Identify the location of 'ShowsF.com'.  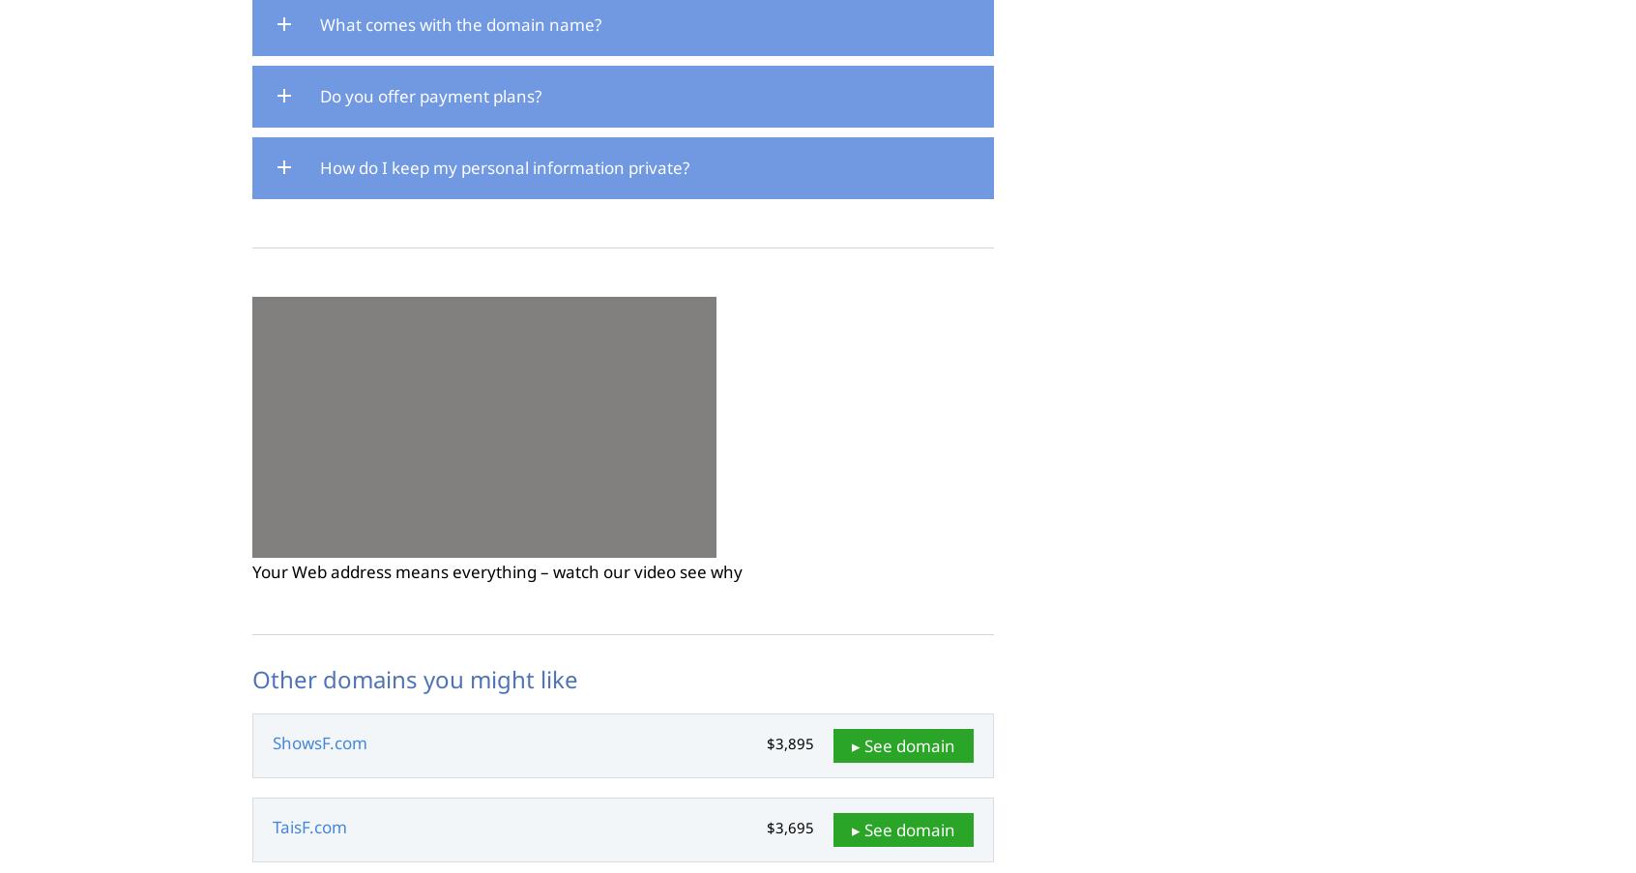
(318, 742).